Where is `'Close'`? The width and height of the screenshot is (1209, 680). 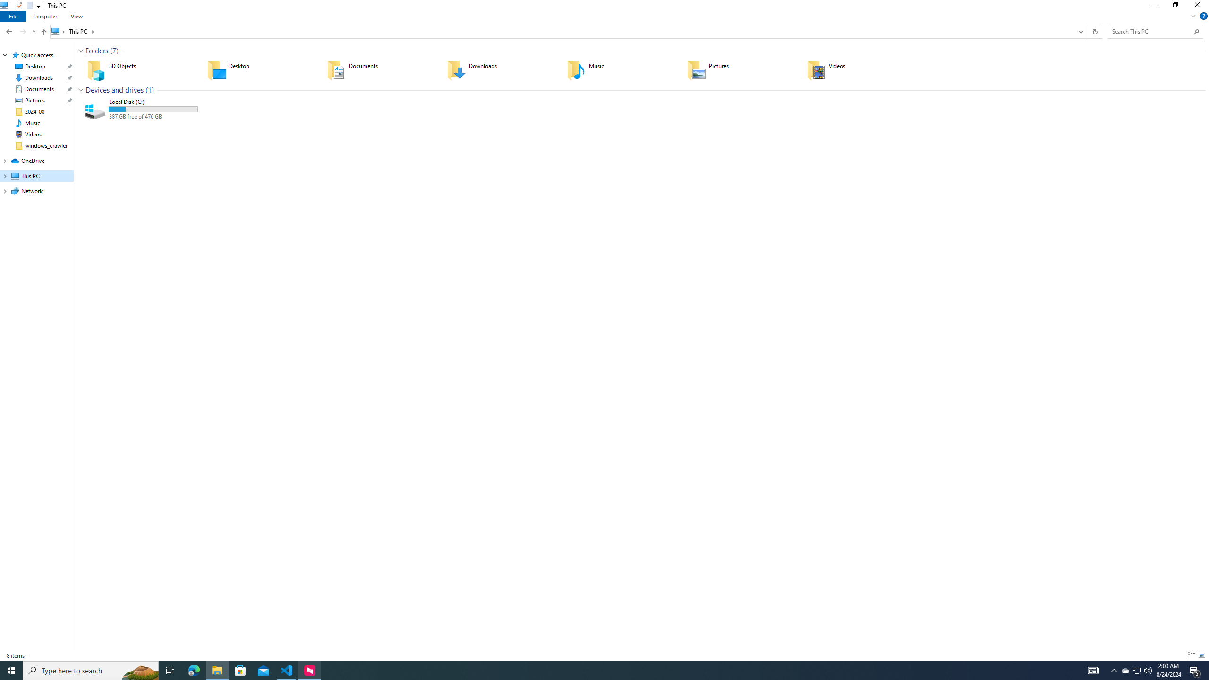 'Close' is located at coordinates (1199, 7).